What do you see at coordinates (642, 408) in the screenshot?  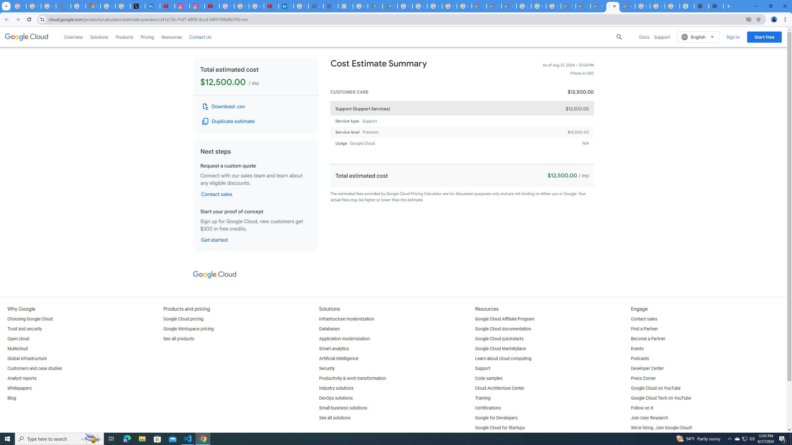 I see `'Follow on X'` at bounding box center [642, 408].